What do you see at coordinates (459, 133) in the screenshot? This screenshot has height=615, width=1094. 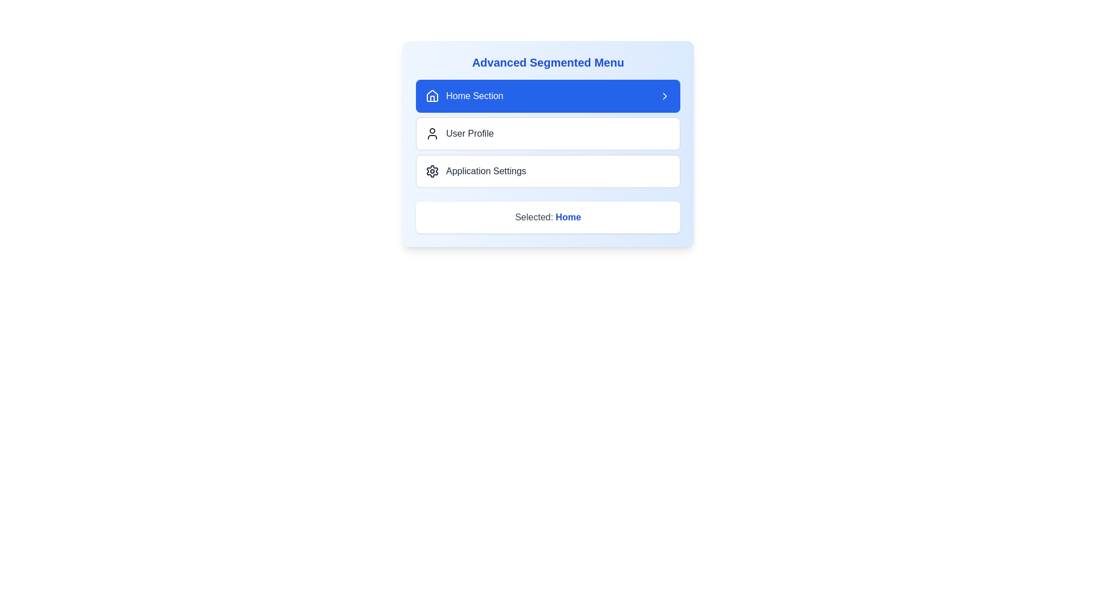 I see `the User Profile menu item, which is the second item in the vertical list of the segmented menu` at bounding box center [459, 133].